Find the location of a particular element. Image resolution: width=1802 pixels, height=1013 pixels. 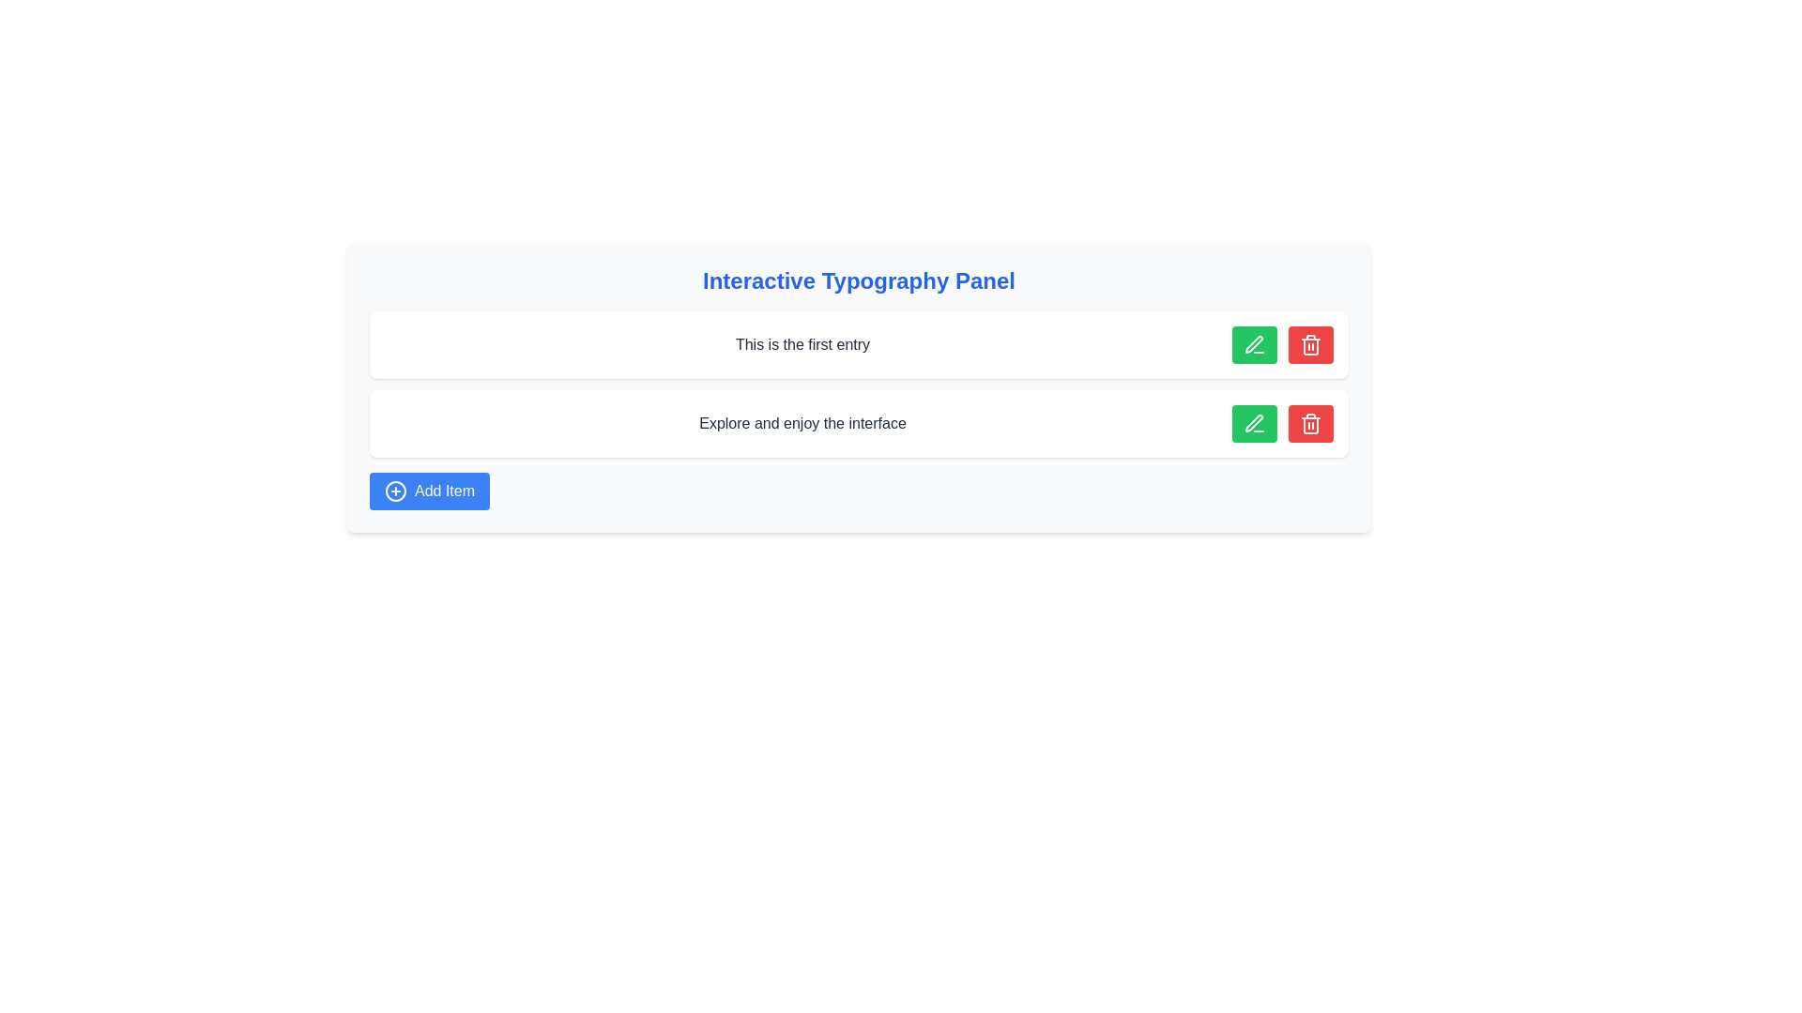

the green circular button containing an icon located to the right of the text 'This is the first entry' is located at coordinates (1255, 344).